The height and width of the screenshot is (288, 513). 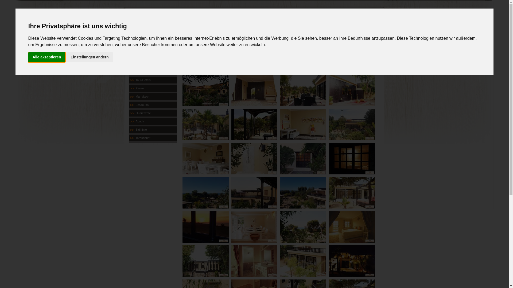 What do you see at coordinates (274, 54) in the screenshot?
I see `'FOTO GALERIE'` at bounding box center [274, 54].